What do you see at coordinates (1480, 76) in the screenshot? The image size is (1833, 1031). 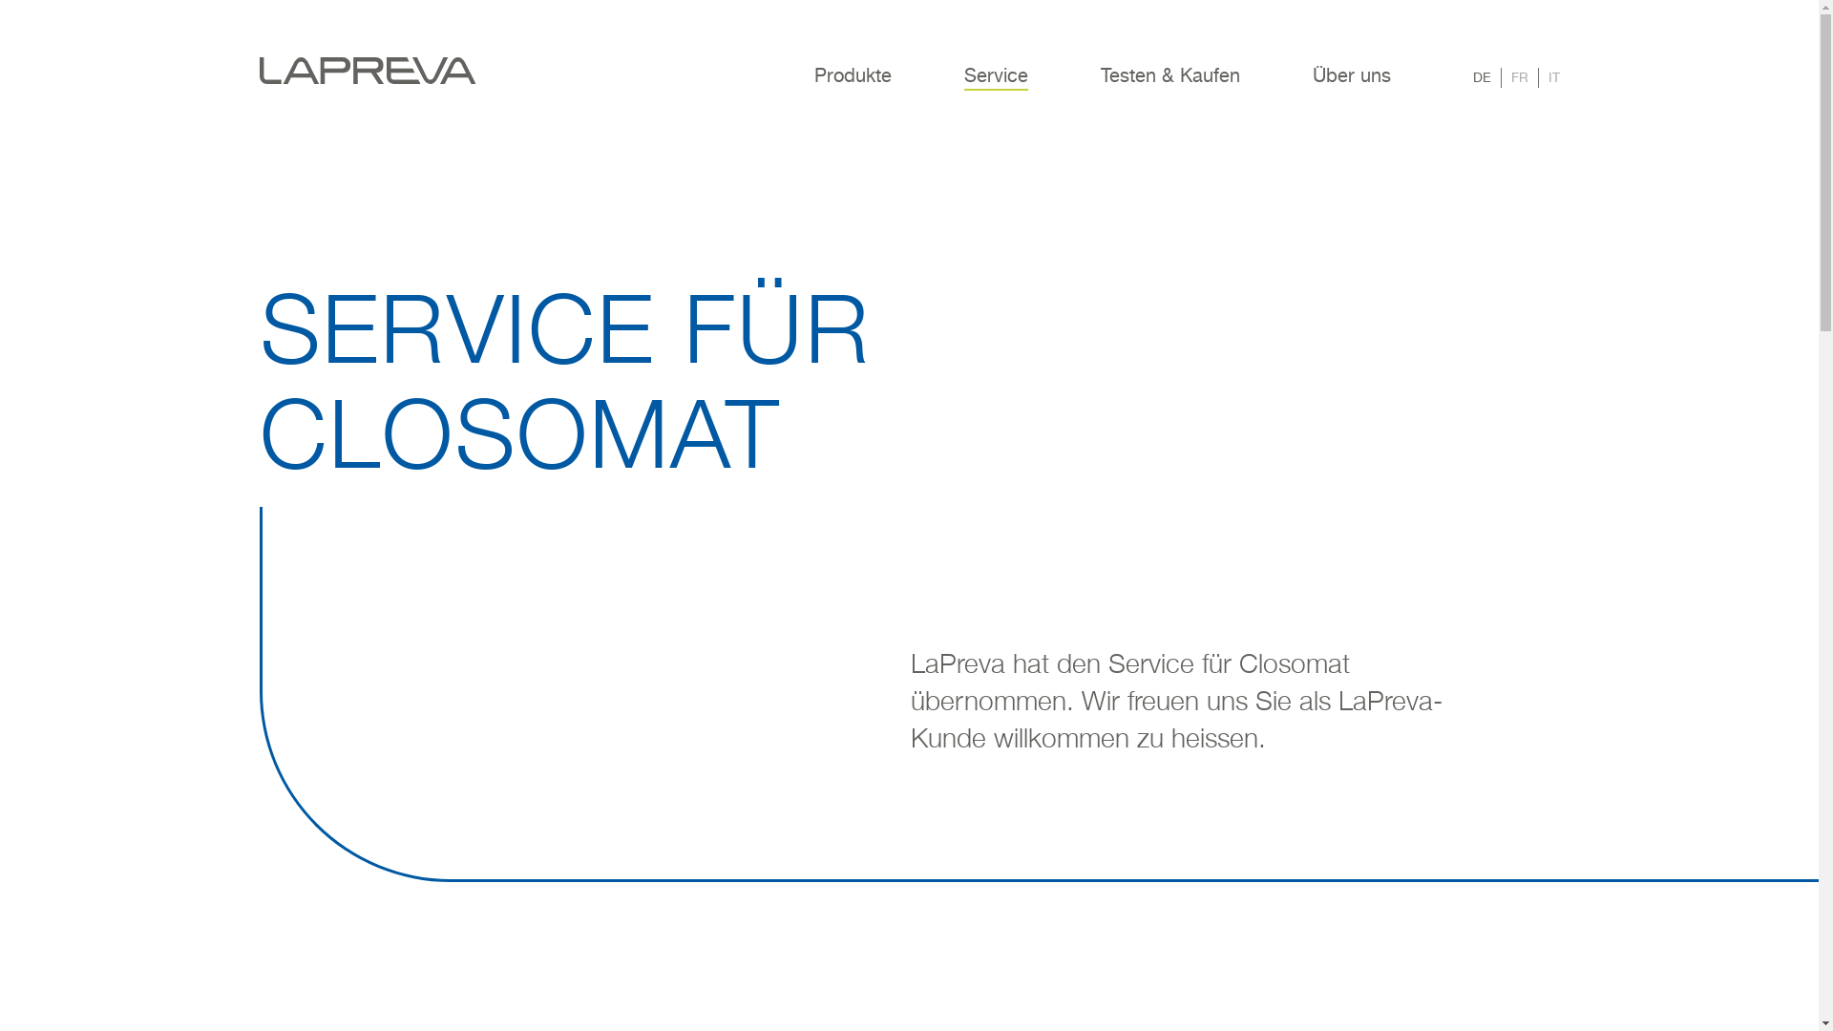 I see `'DE'` at bounding box center [1480, 76].